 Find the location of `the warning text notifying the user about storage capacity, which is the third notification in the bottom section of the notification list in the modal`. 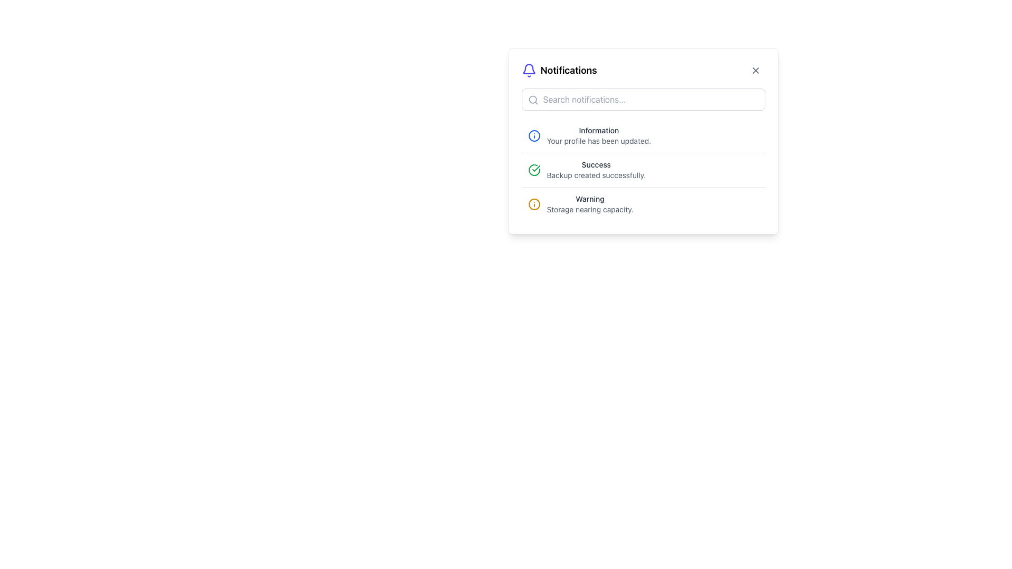

the warning text notifying the user about storage capacity, which is the third notification in the bottom section of the notification list in the modal is located at coordinates (589, 204).